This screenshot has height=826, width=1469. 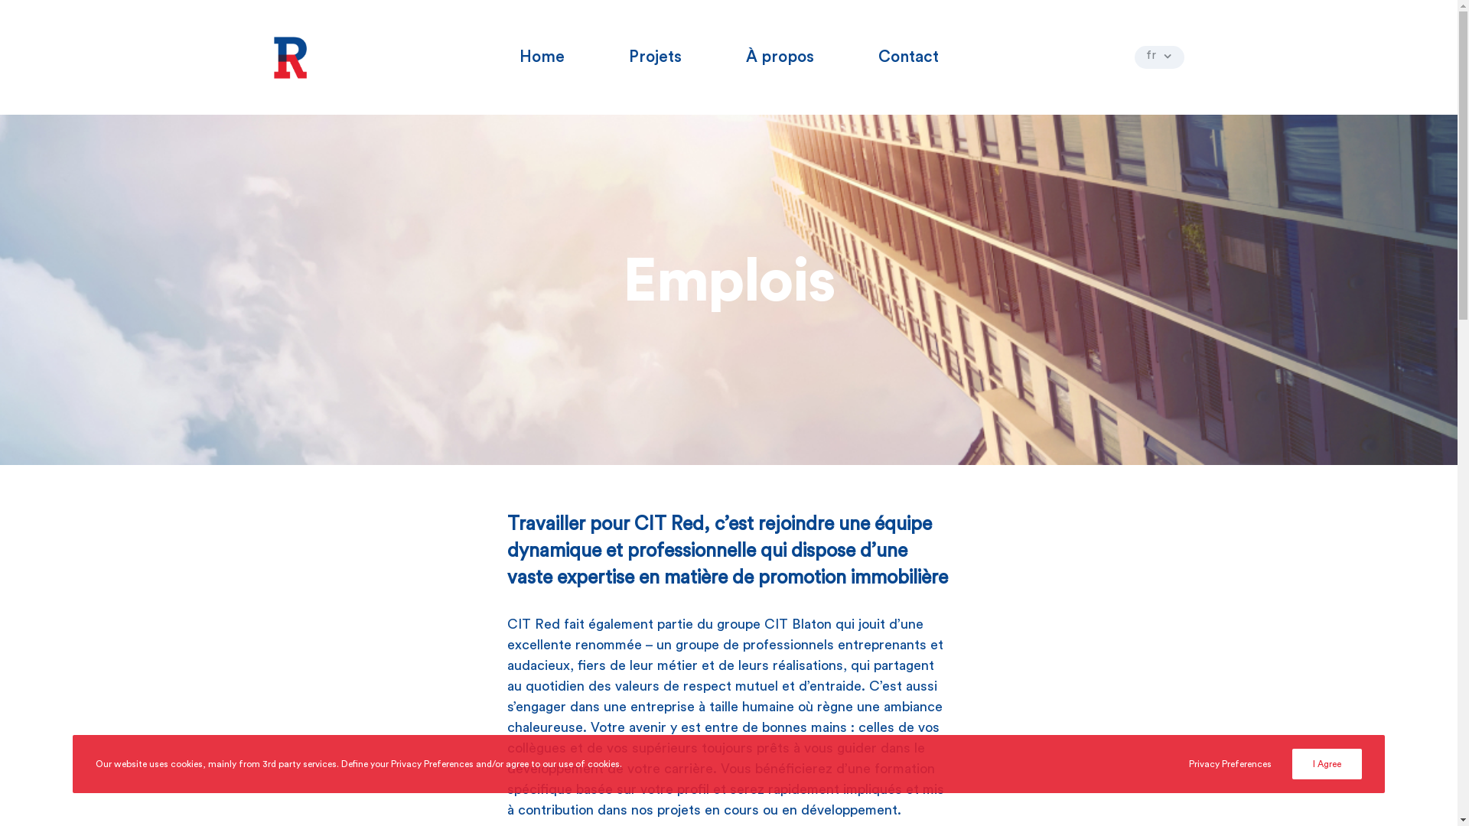 I want to click on 'Home', so click(x=541, y=56).